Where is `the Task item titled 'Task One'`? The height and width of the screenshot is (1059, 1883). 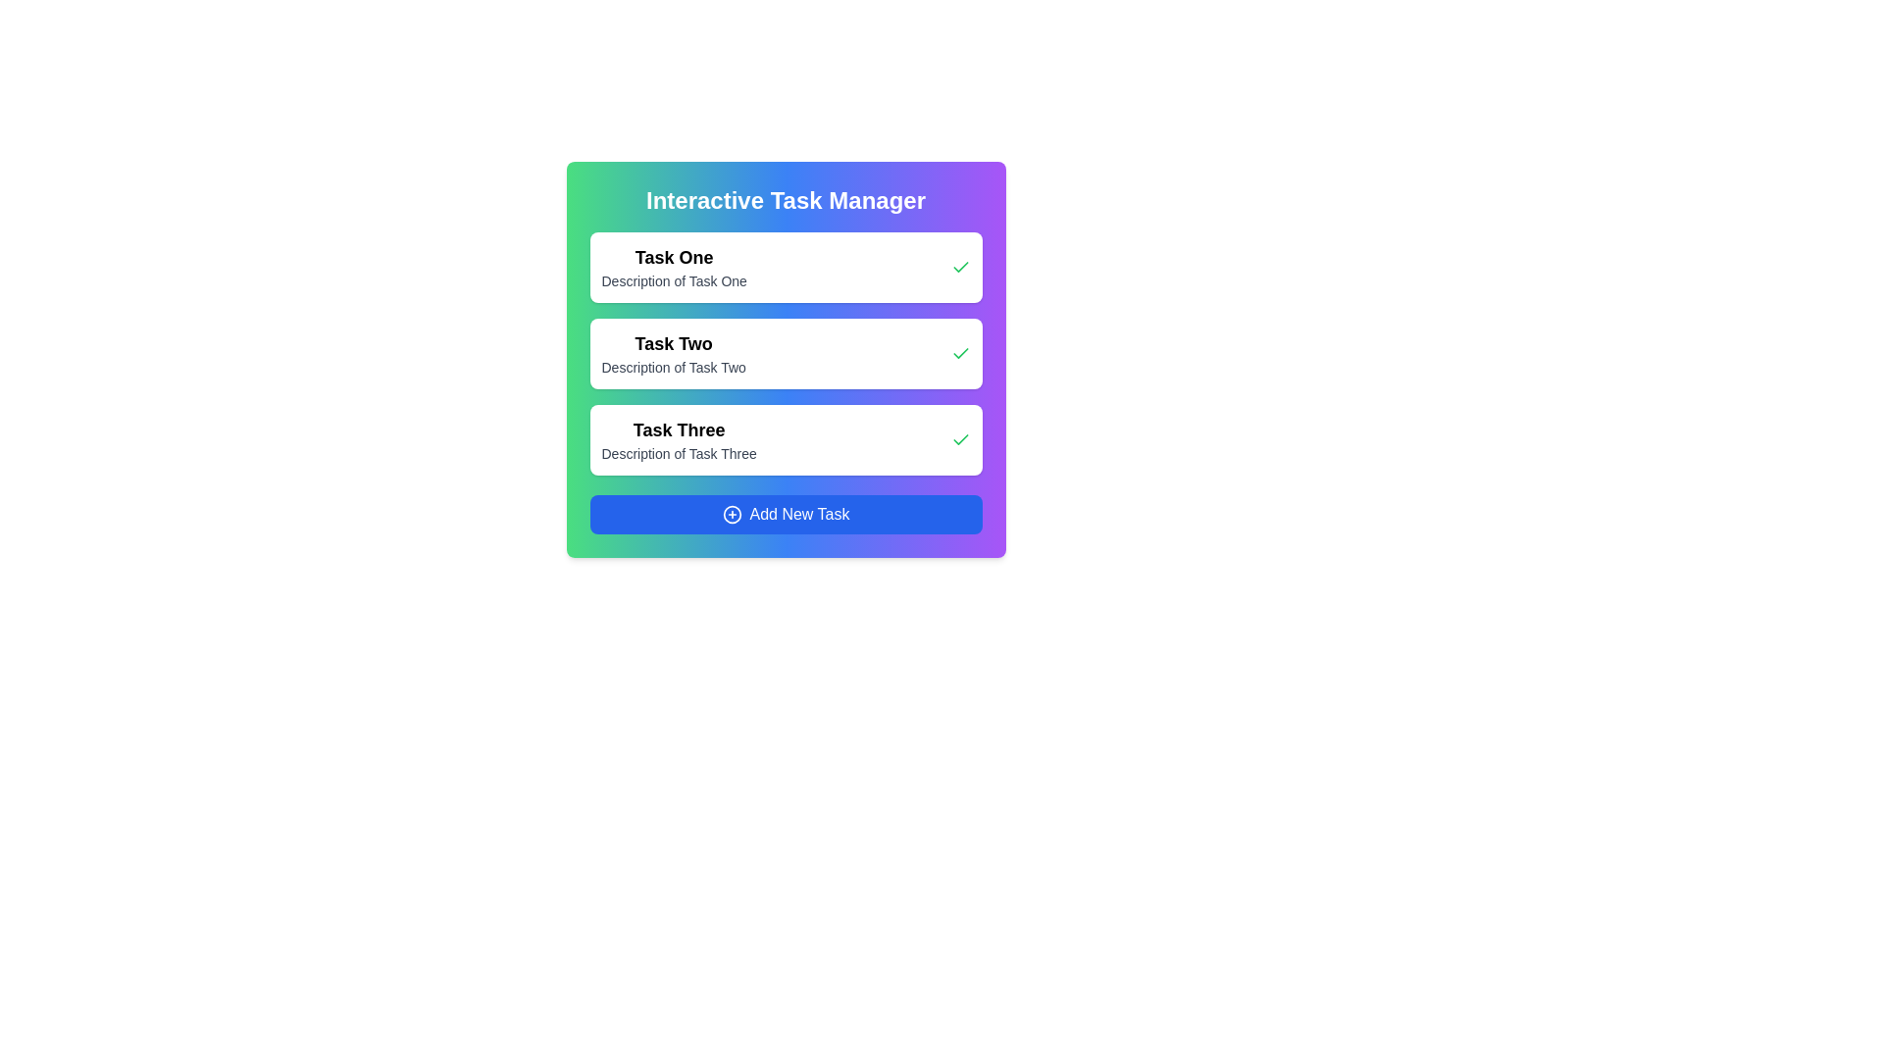
the Task item titled 'Task One' is located at coordinates (674, 268).